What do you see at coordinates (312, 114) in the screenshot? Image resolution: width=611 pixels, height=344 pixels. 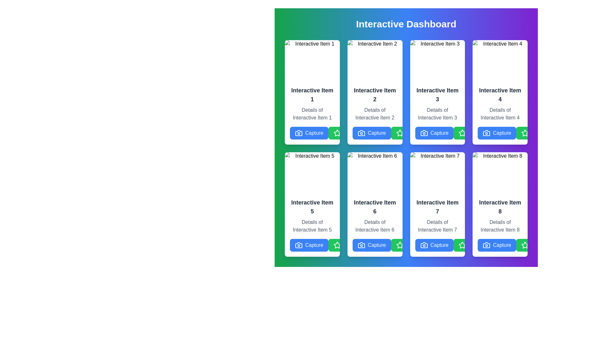 I see `the text field displaying 'Details of Interactive Item 1', which is styled with muted gray color and is centered beneath the title 'Interactive Item 1'` at bounding box center [312, 114].